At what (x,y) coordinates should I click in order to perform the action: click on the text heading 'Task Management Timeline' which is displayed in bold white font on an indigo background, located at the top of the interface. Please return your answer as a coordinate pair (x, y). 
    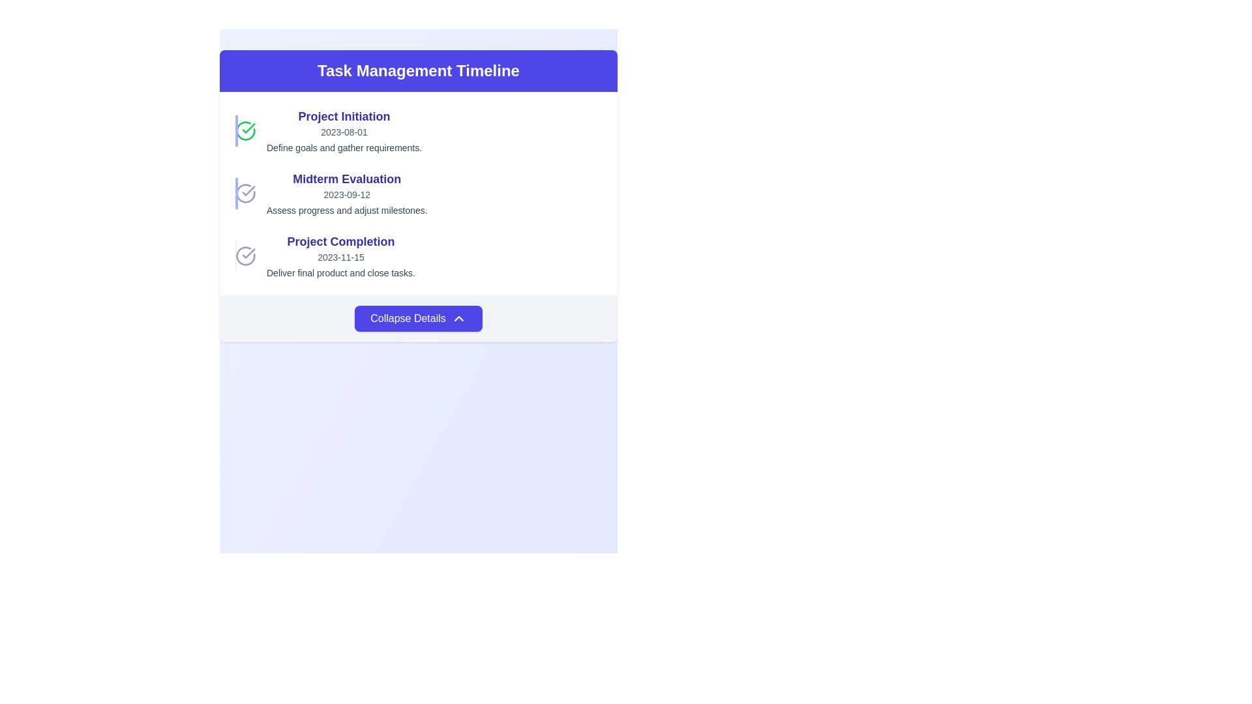
    Looking at the image, I should click on (419, 70).